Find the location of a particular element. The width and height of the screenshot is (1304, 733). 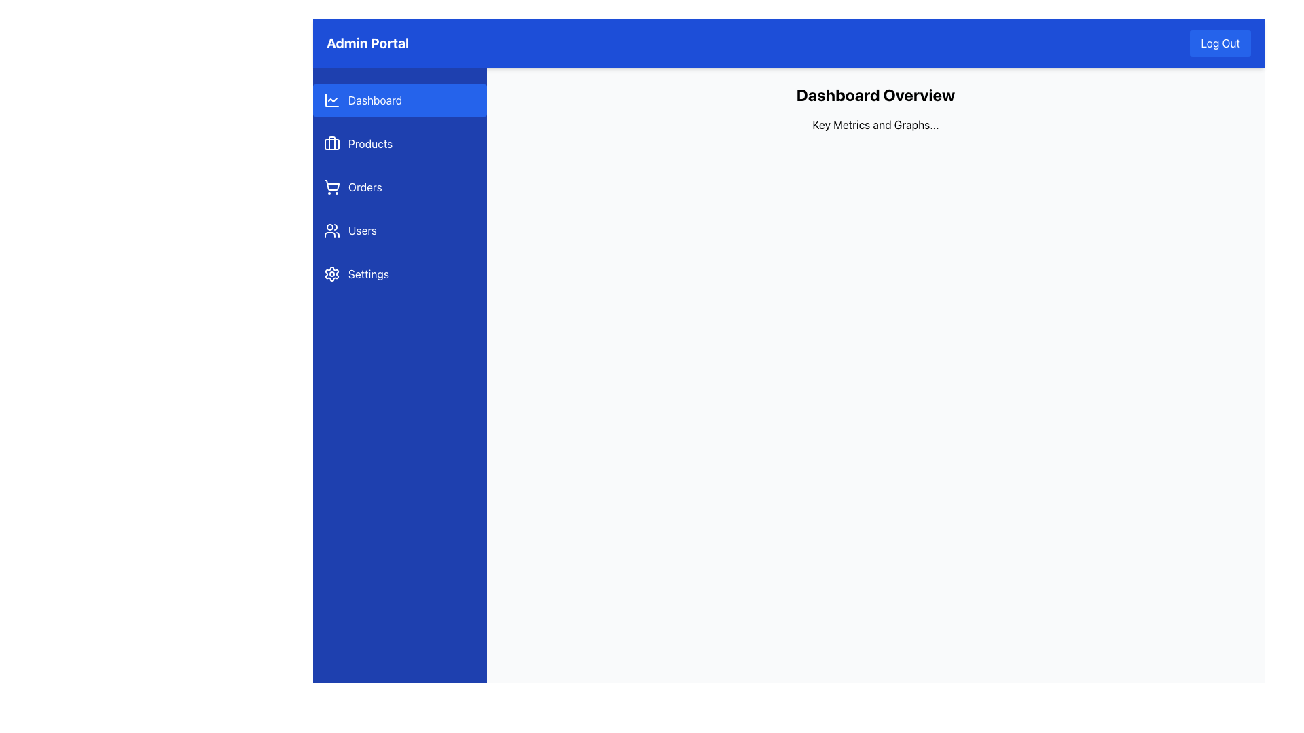

the navigational button located at the top of the vertical menu in the left sidebar is located at coordinates (399, 99).